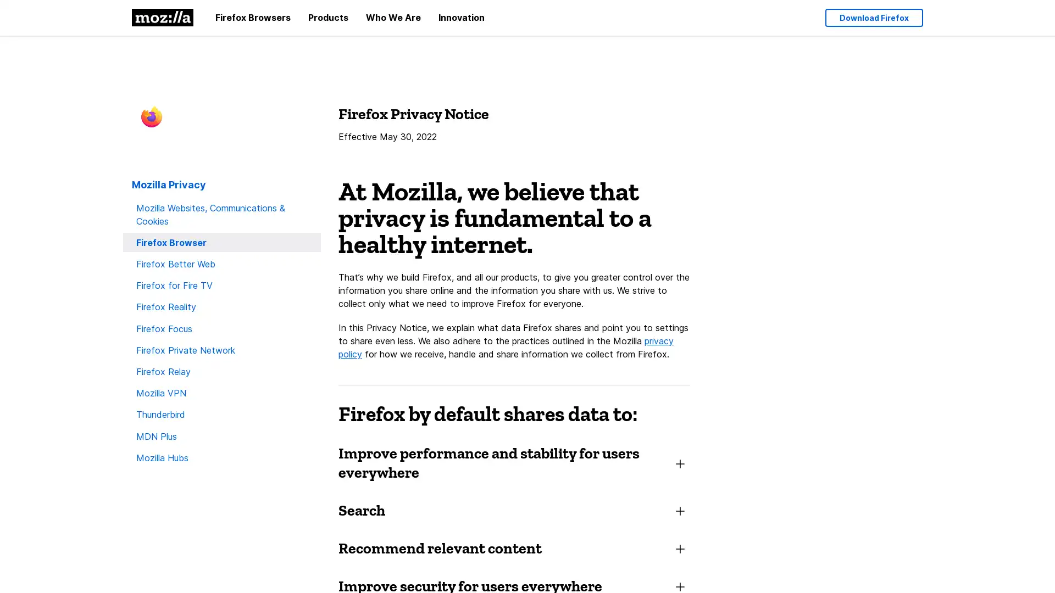 The width and height of the screenshot is (1055, 593). What do you see at coordinates (514, 510) in the screenshot?
I see `Search` at bounding box center [514, 510].